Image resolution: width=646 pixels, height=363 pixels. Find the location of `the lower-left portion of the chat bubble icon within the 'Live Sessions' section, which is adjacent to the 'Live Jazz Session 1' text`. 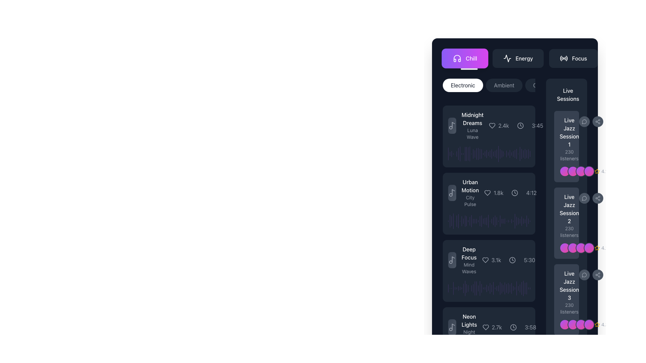

the lower-left portion of the chat bubble icon within the 'Live Sessions' section, which is adjacent to the 'Live Jazz Session 1' text is located at coordinates (584, 122).